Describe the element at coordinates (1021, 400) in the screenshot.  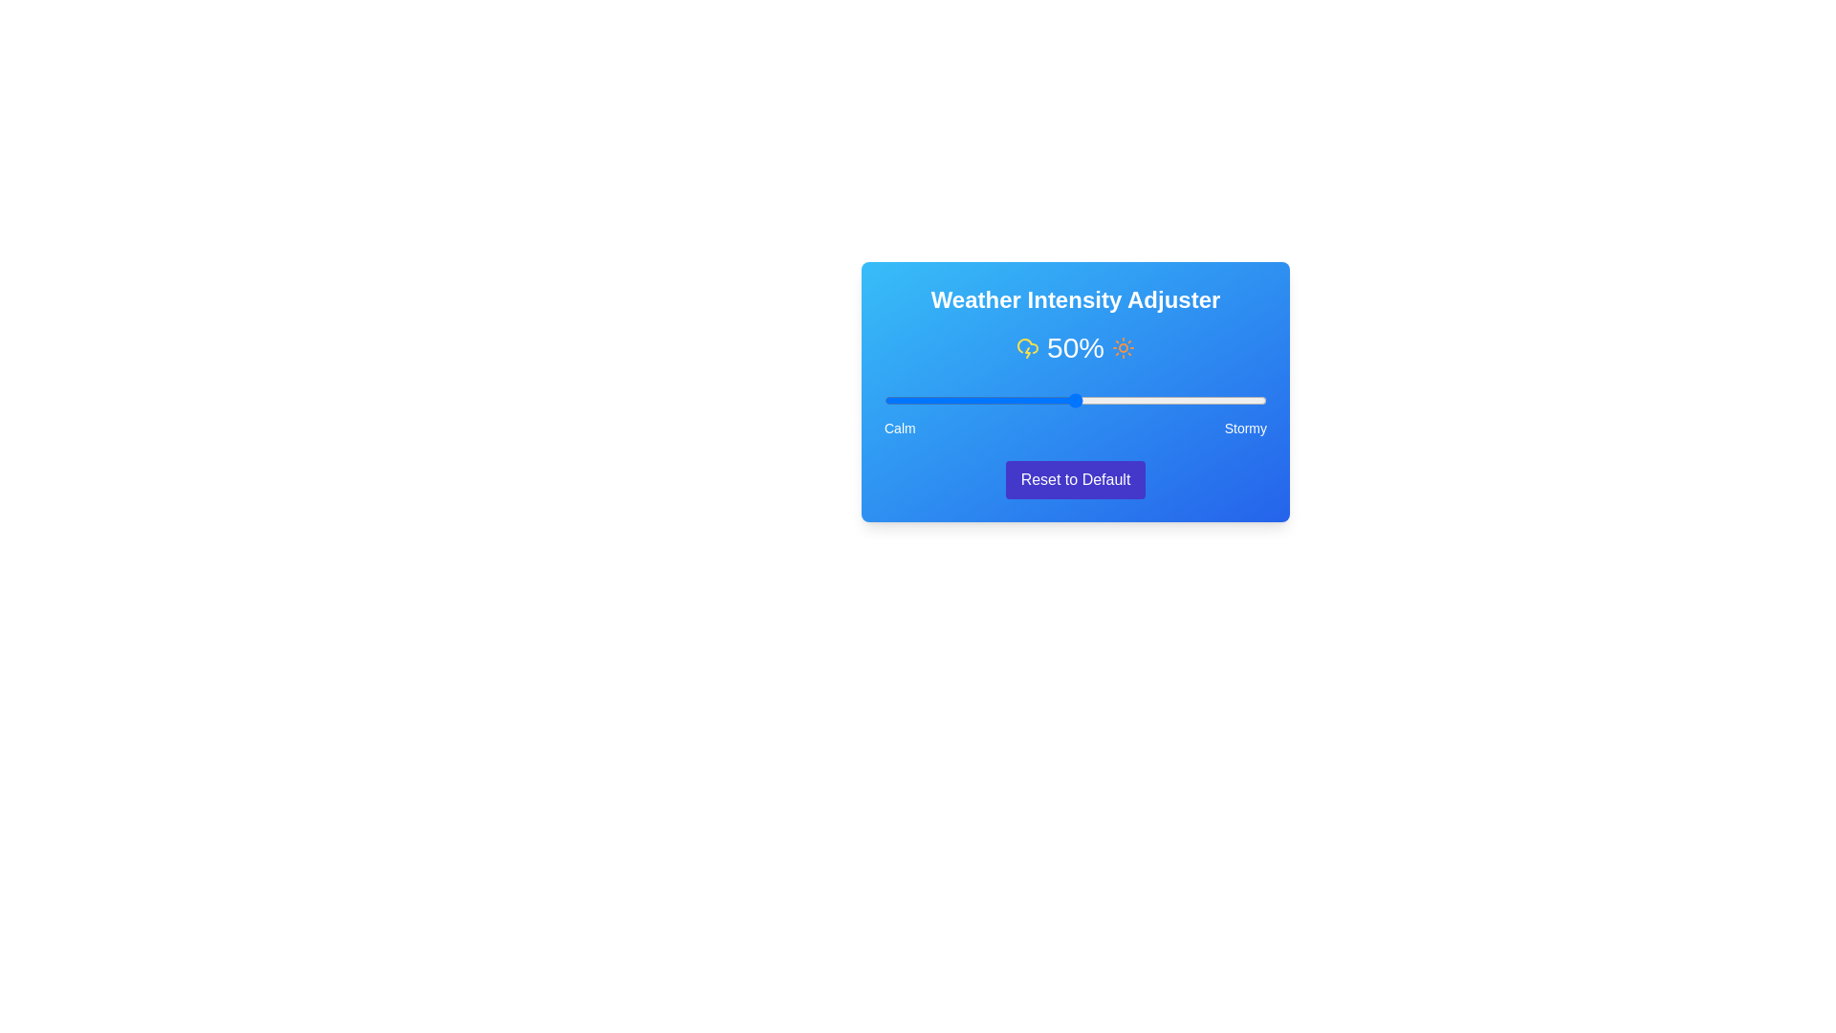
I see `the weather intensity slider to 36%` at that location.